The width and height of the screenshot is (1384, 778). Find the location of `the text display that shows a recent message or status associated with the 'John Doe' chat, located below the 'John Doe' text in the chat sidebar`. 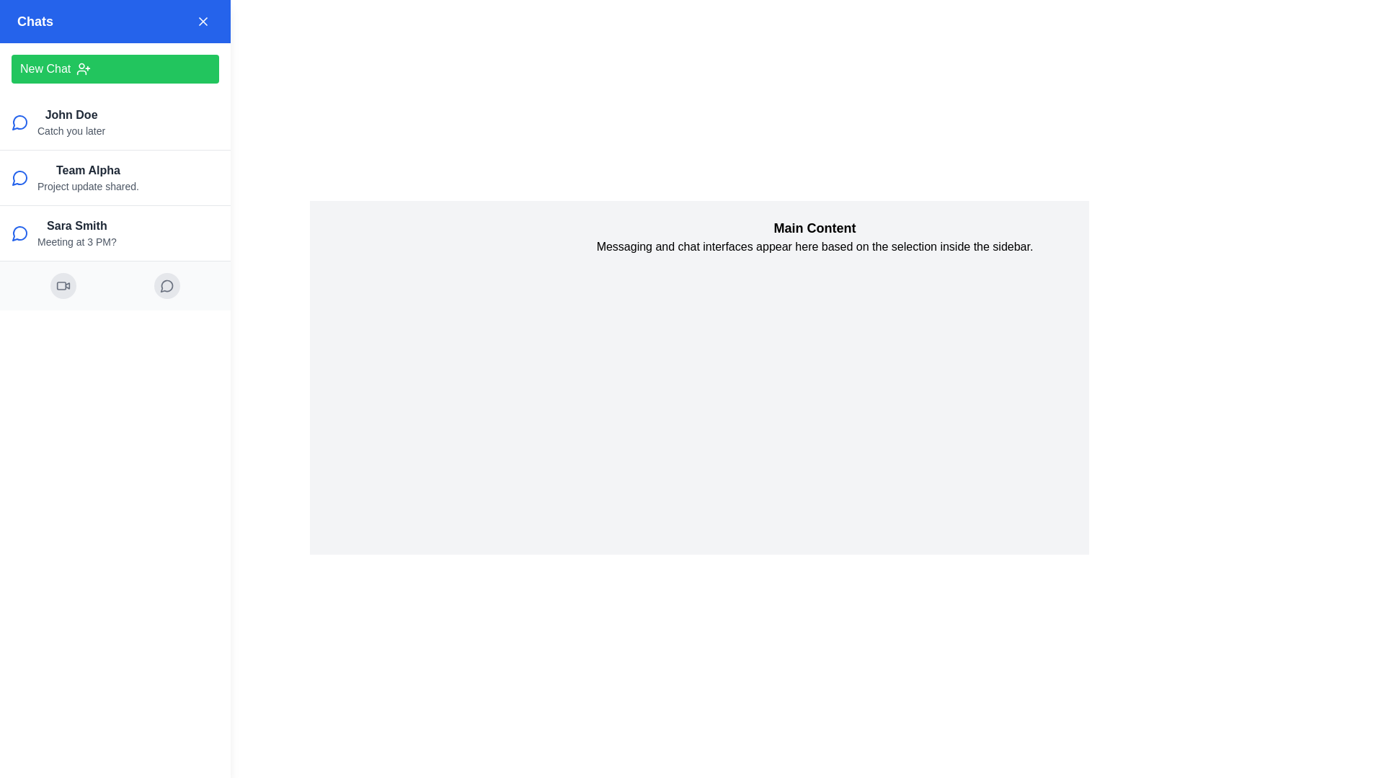

the text display that shows a recent message or status associated with the 'John Doe' chat, located below the 'John Doe' text in the chat sidebar is located at coordinates (71, 130).